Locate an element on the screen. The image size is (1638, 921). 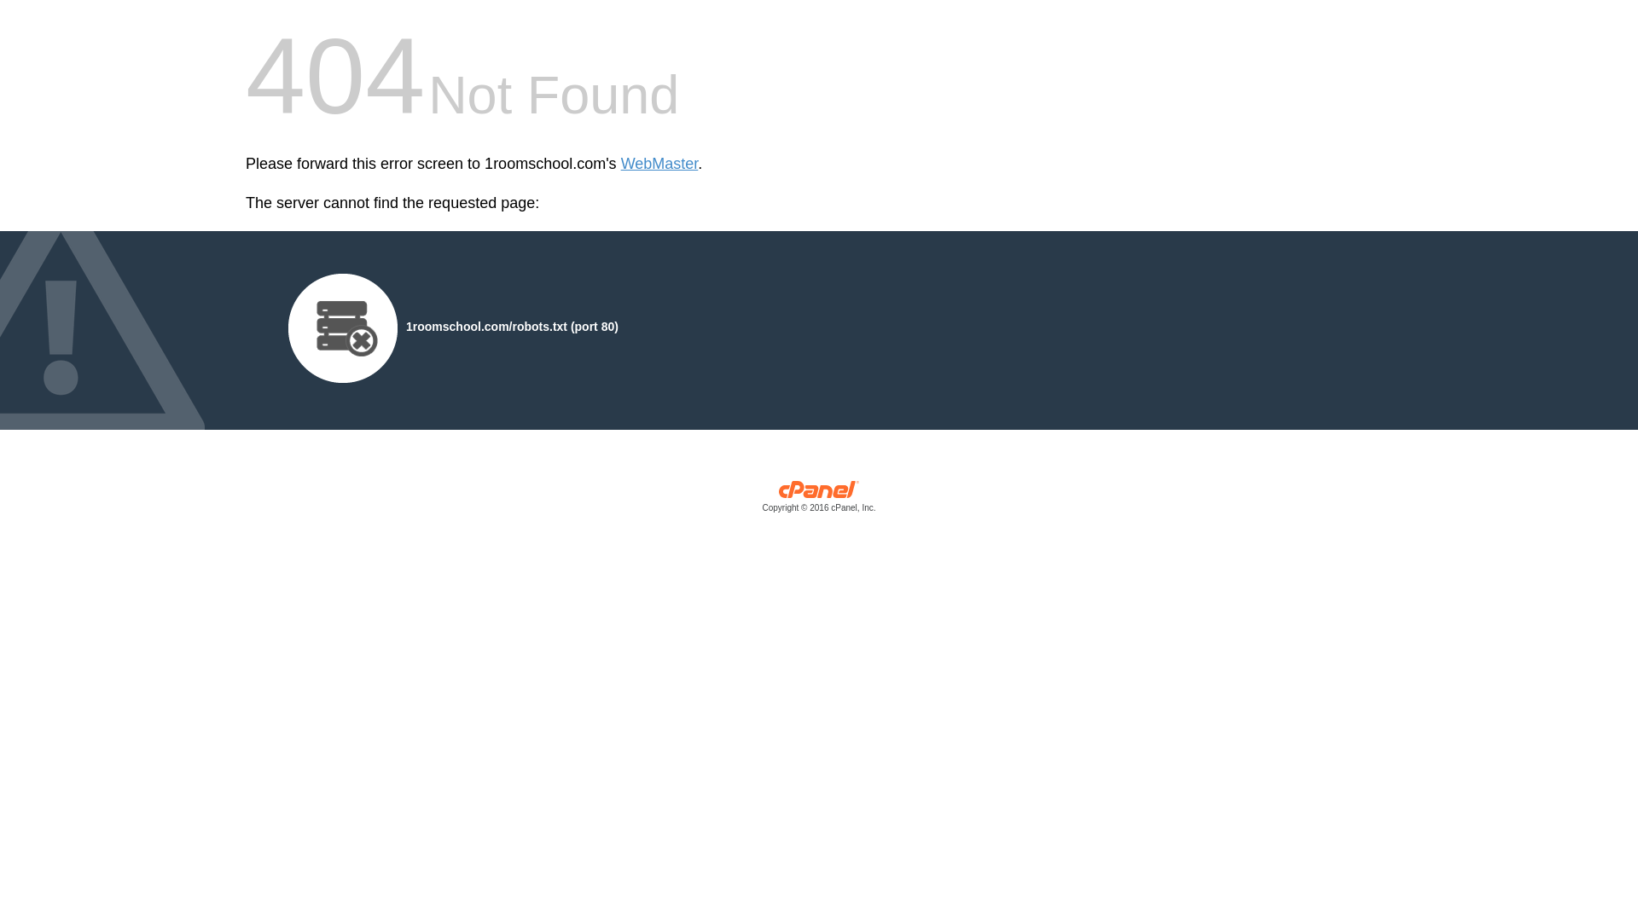
'WebMaster' is located at coordinates (659, 164).